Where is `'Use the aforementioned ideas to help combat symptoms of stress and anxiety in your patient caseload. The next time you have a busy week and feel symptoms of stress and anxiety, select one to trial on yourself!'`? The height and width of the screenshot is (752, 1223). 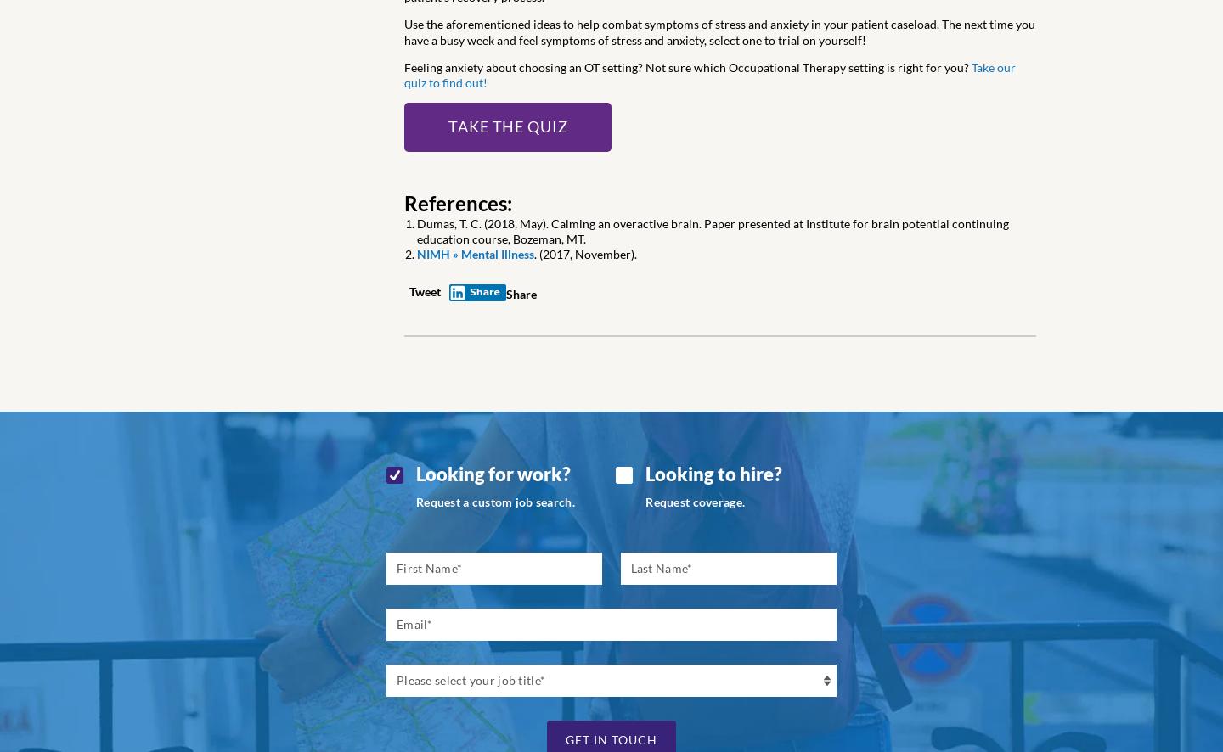
'Use the aforementioned ideas to help combat symptoms of stress and anxiety in your patient caseload. The next time you have a busy week and feel symptoms of stress and anxiety, select one to trial on yourself!' is located at coordinates (719, 31).